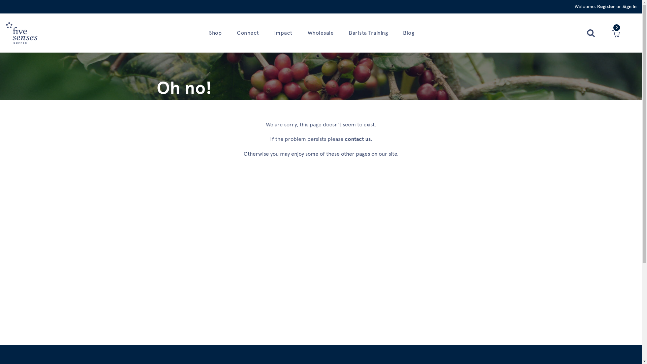 The height and width of the screenshot is (364, 647). Describe the element at coordinates (606, 6) in the screenshot. I see `'Register'` at that location.